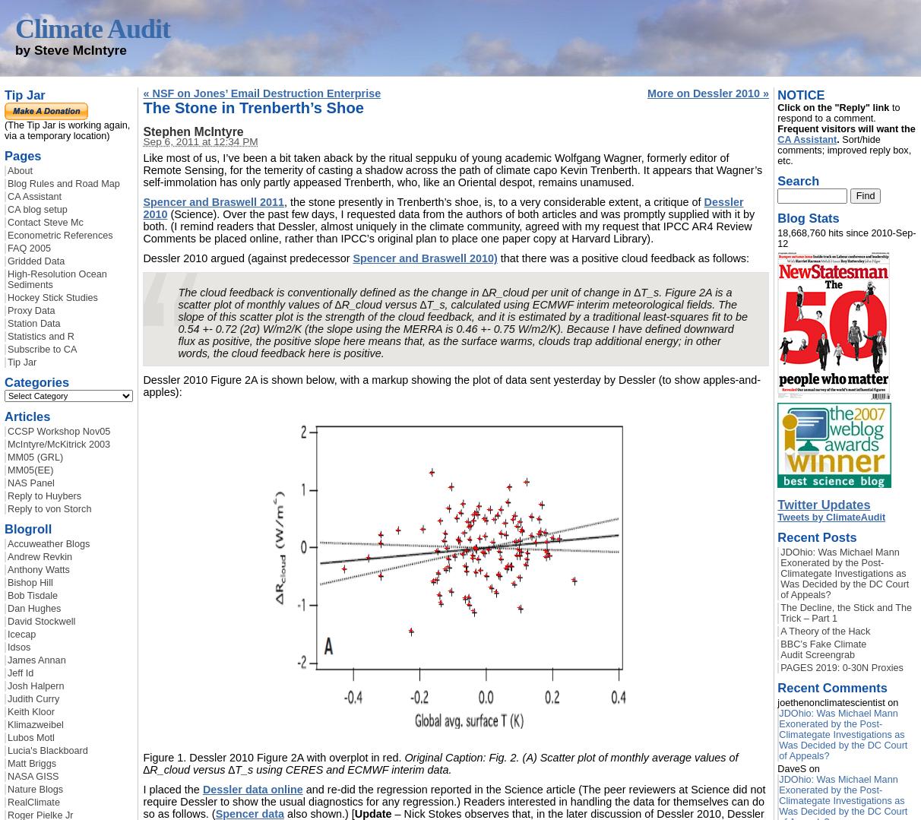  I want to click on 'Stephen McIntyre', so click(193, 131).